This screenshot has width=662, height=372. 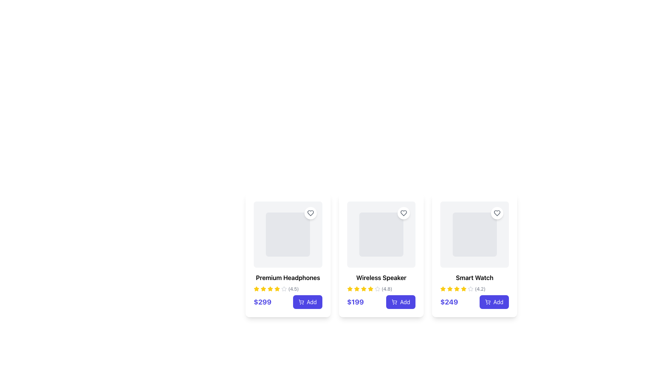 I want to click on the fourth star icon in the five-star rating system for the 'Smart Watch' product card, which is visually prominent with a yellow fill, so click(x=464, y=289).